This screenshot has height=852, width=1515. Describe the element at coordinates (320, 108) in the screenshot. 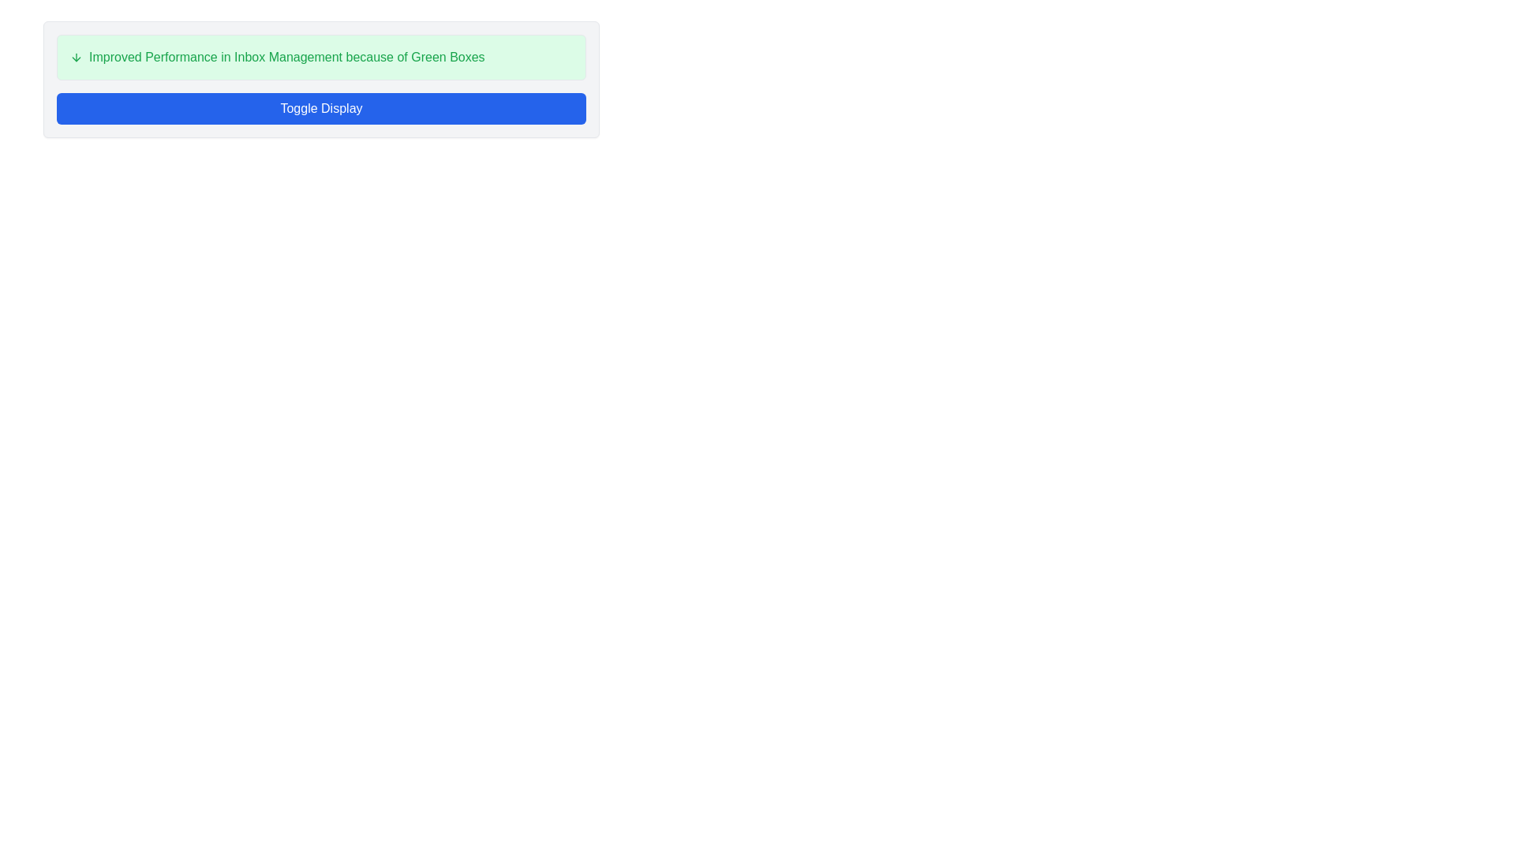

I see `the toggle button at the bottom of the gray box` at that location.